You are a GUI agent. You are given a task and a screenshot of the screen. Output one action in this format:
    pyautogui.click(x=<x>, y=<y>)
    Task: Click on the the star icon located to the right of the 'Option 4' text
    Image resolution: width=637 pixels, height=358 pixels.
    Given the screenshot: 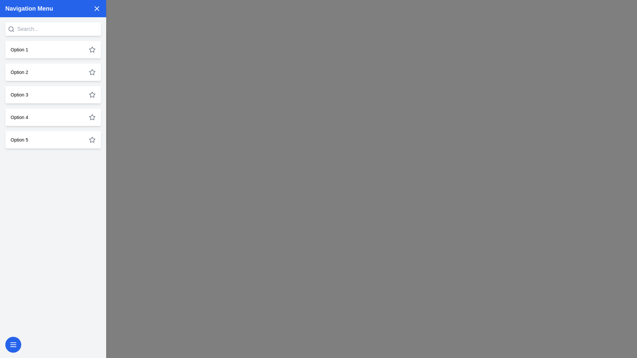 What is the action you would take?
    pyautogui.click(x=92, y=117)
    